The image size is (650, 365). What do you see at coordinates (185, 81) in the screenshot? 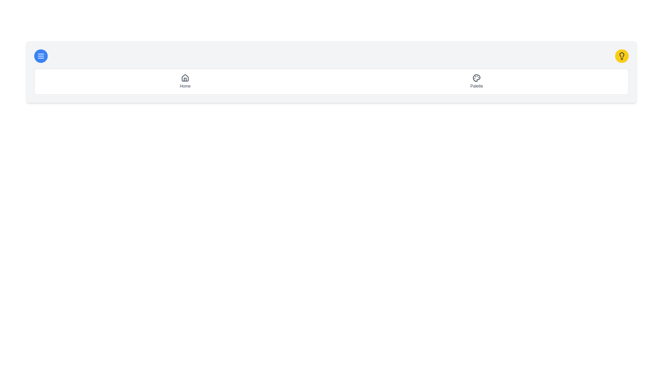
I see `the interactive button with an icon and text` at bounding box center [185, 81].